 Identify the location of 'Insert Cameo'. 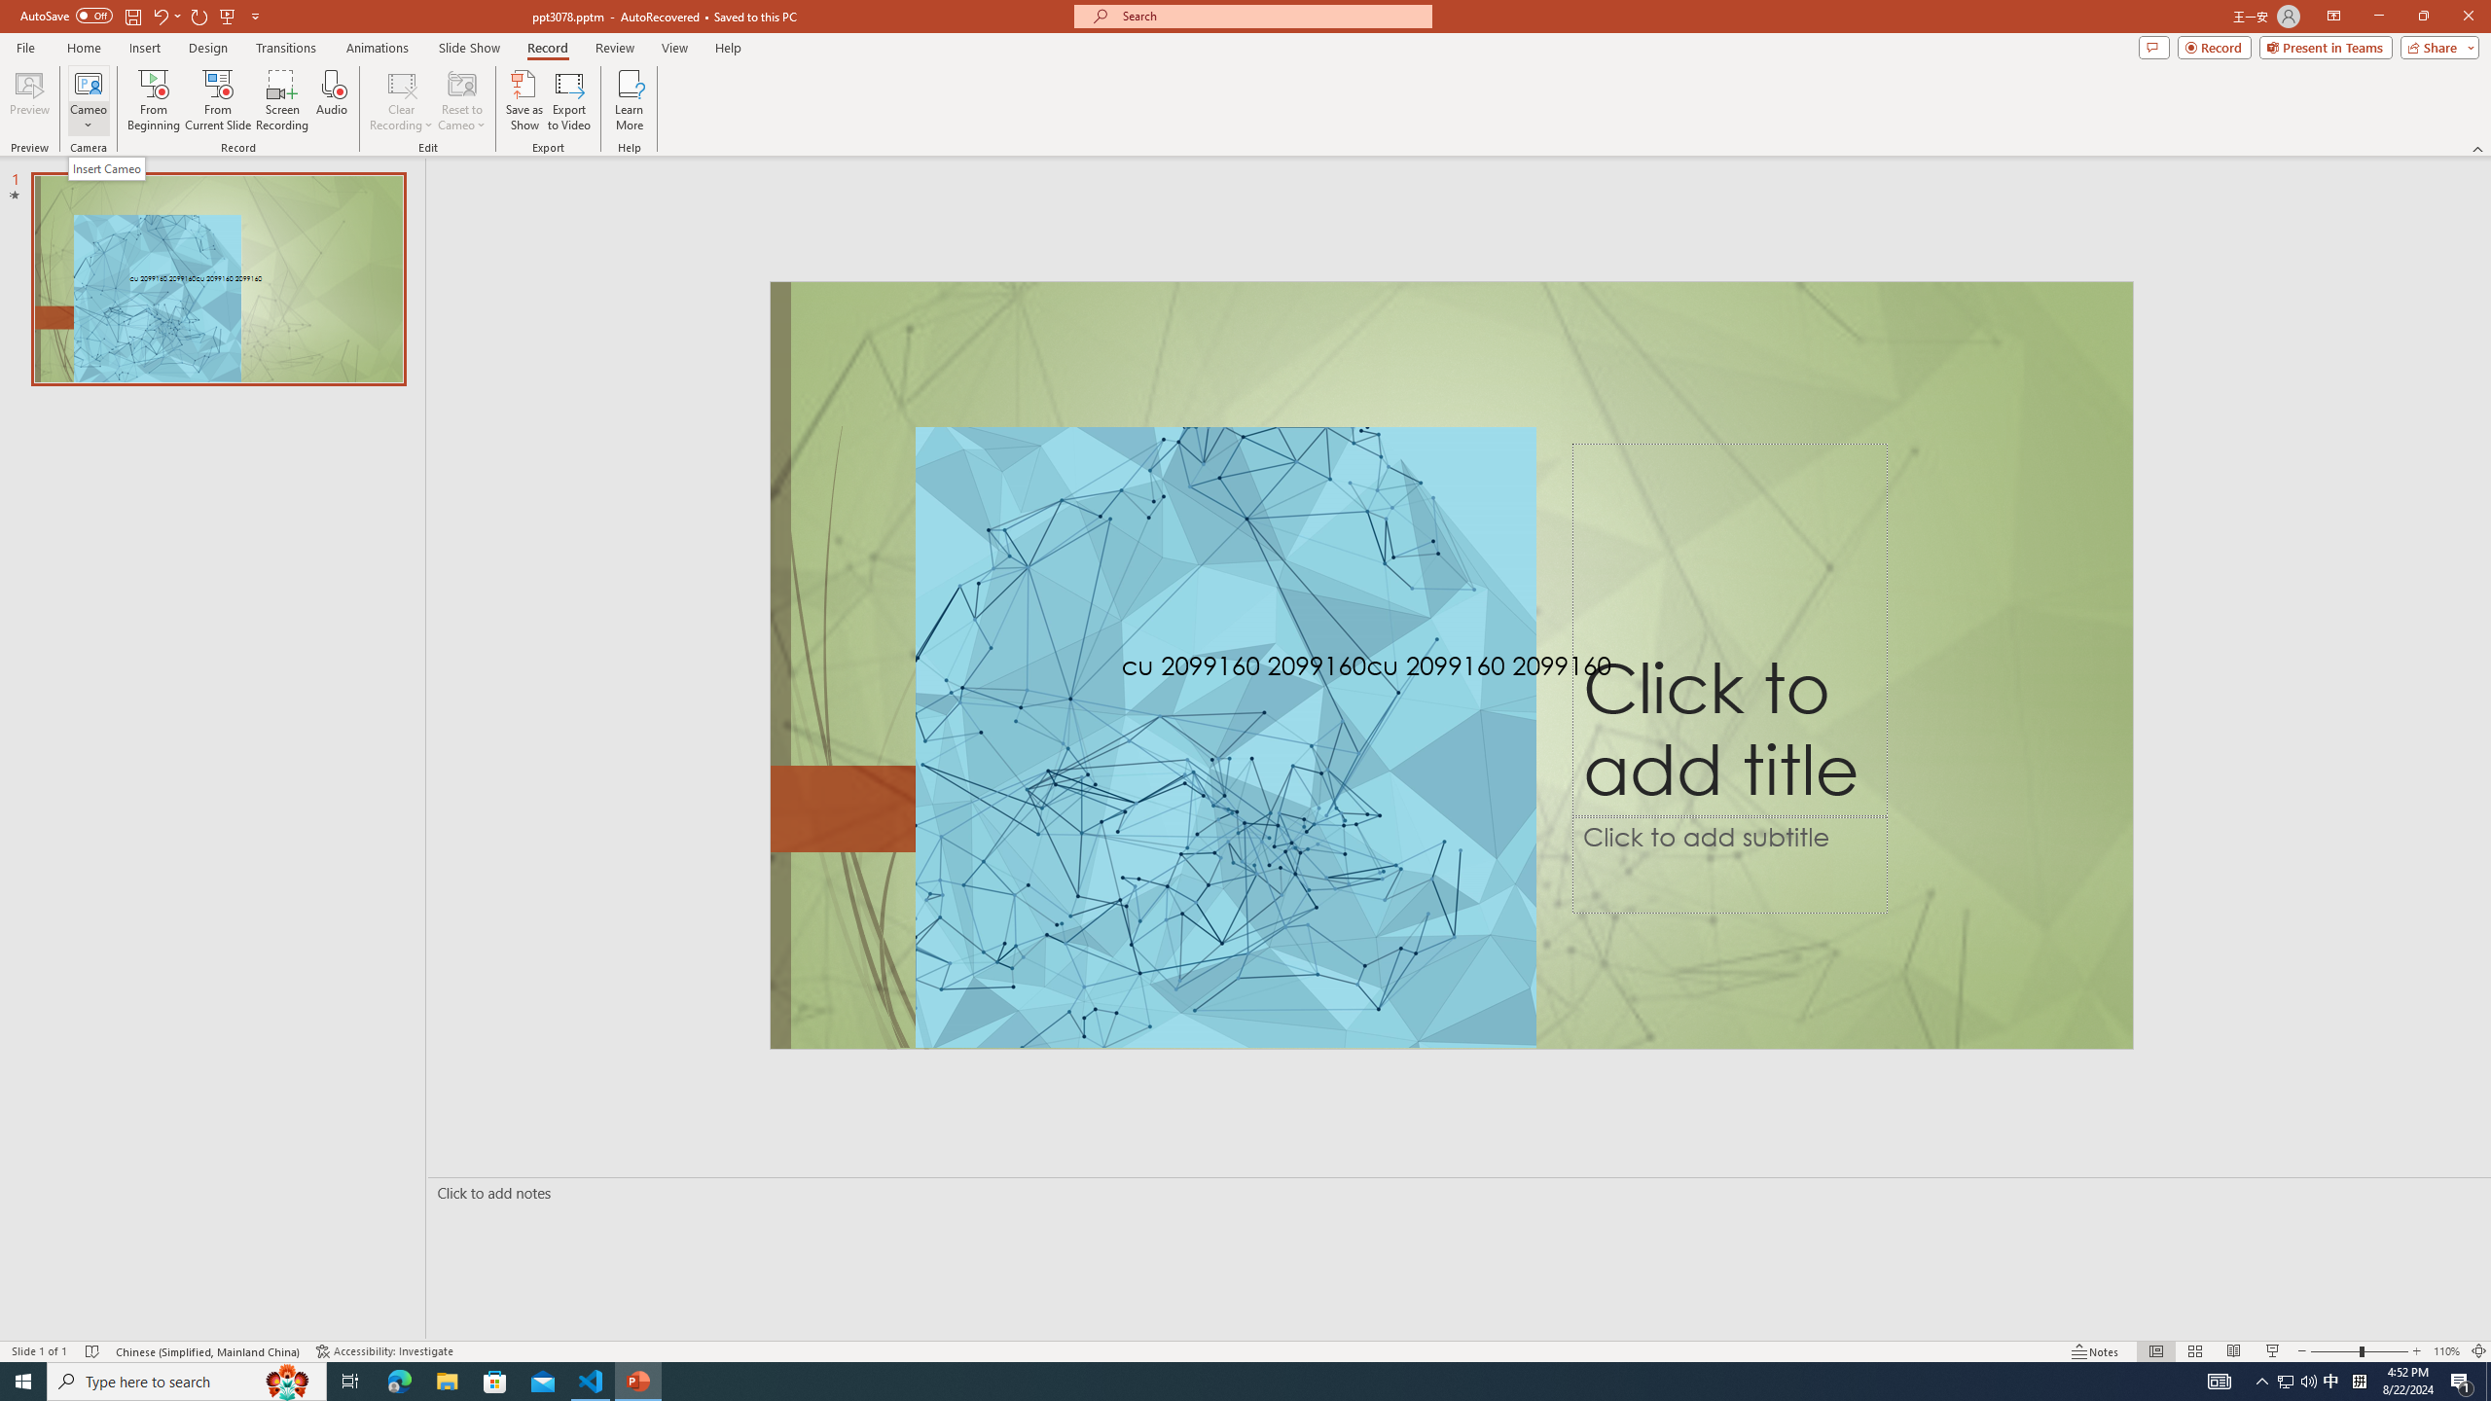
(107, 167).